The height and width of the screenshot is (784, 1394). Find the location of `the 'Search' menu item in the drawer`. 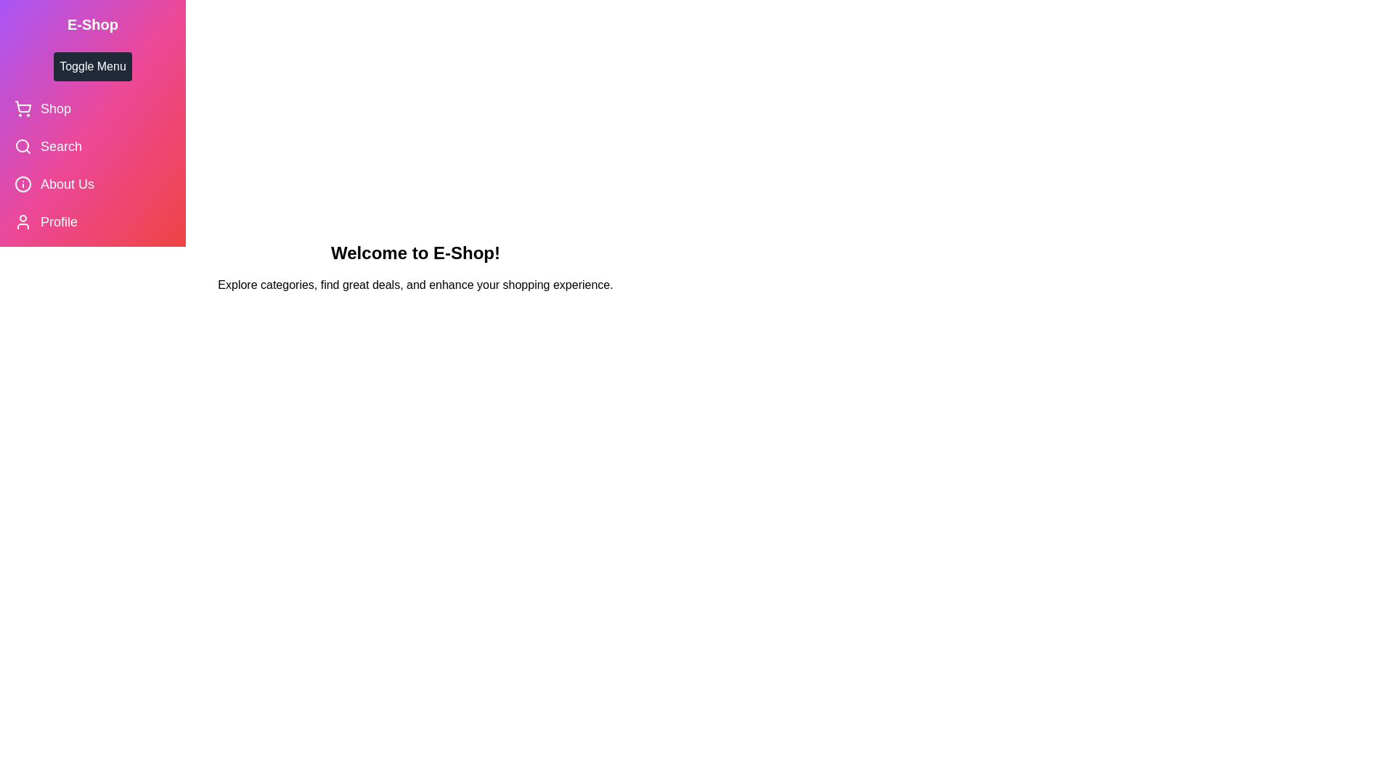

the 'Search' menu item in the drawer is located at coordinates (92, 146).